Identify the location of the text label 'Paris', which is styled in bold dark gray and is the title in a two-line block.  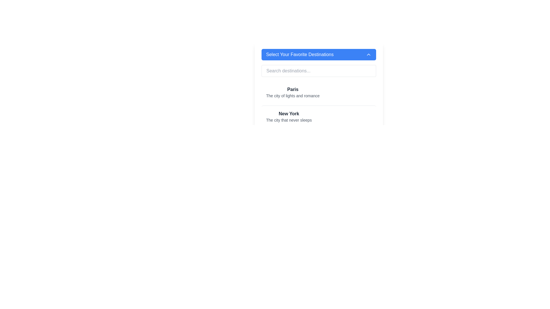
(293, 89).